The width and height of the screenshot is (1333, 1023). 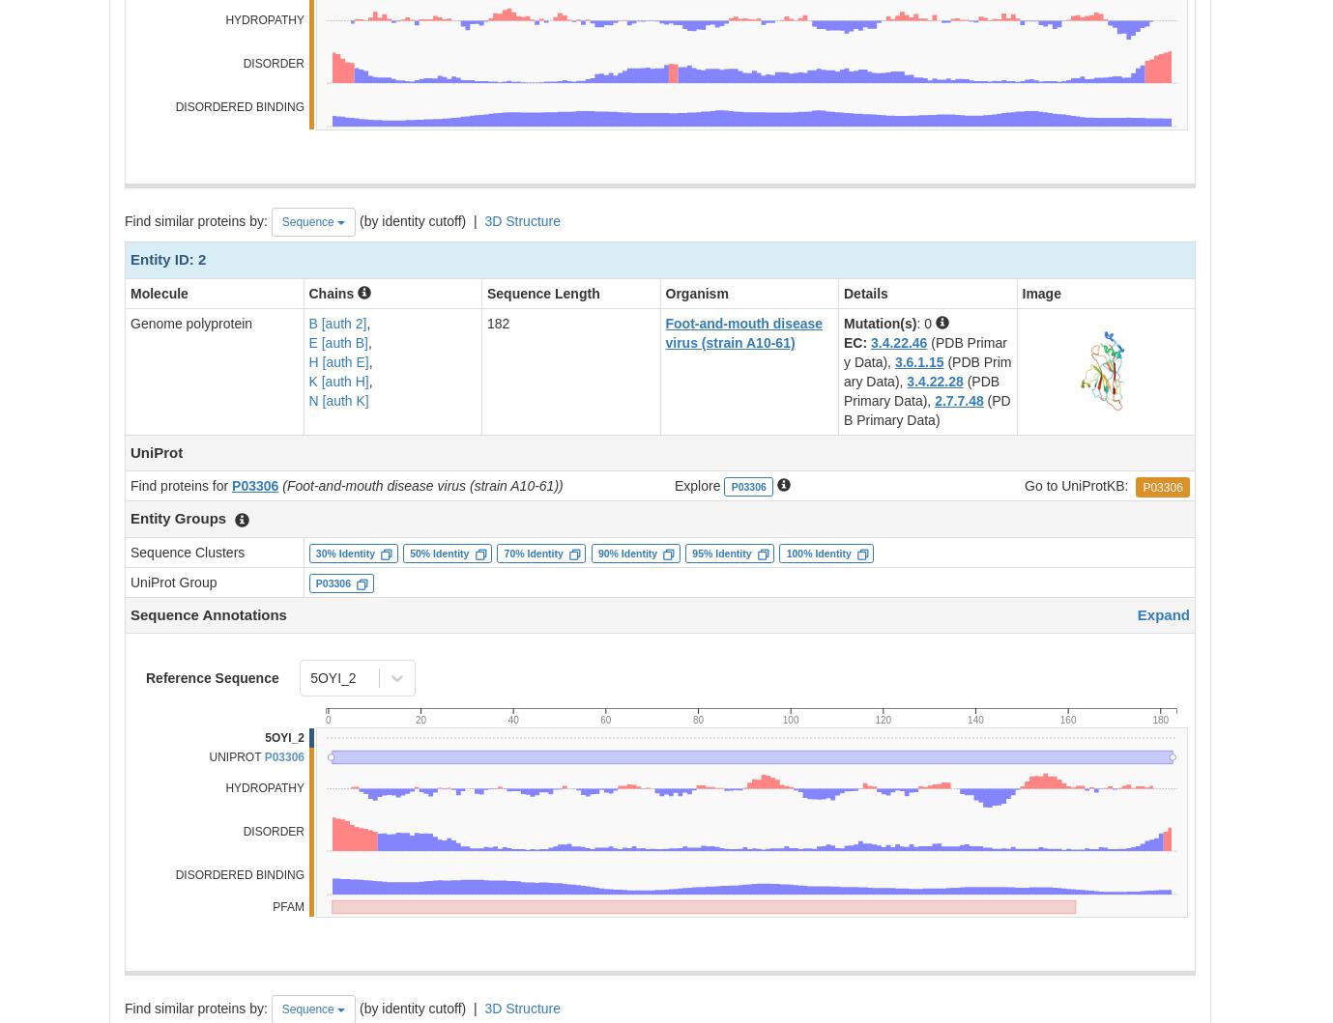 I want to click on '160', so click(x=1067, y=719).